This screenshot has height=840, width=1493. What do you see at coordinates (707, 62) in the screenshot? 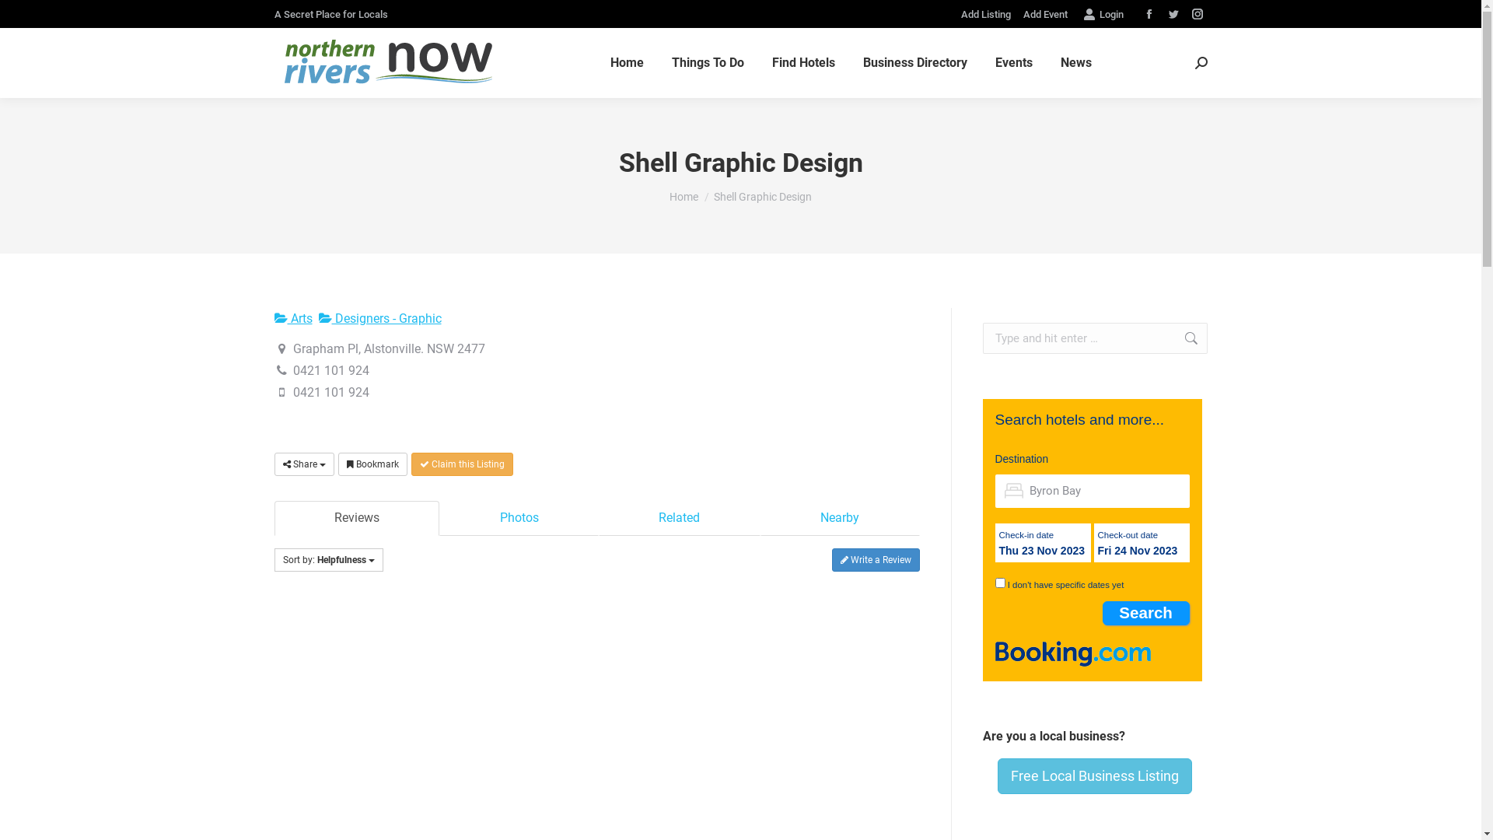
I see `'Things To Do'` at bounding box center [707, 62].